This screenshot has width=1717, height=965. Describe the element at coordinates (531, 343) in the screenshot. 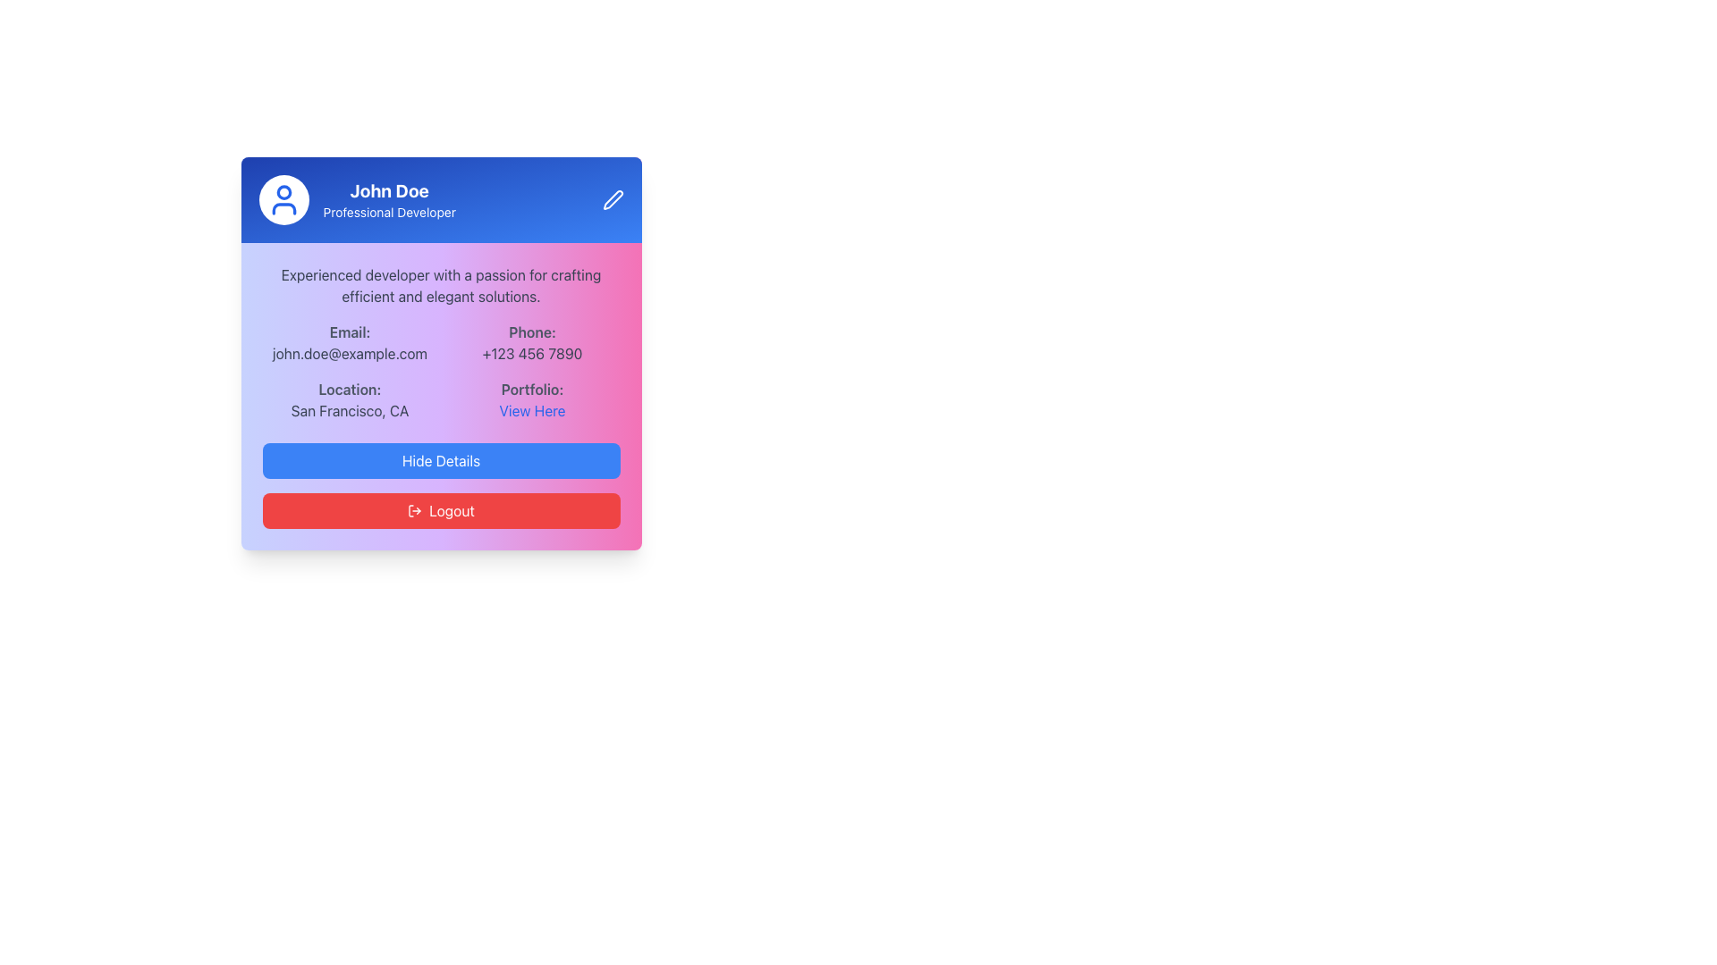

I see `the static text field displaying 'Phone:' and the phone number '+123 456 7890', which is located in the right column of a two-column layout` at that location.